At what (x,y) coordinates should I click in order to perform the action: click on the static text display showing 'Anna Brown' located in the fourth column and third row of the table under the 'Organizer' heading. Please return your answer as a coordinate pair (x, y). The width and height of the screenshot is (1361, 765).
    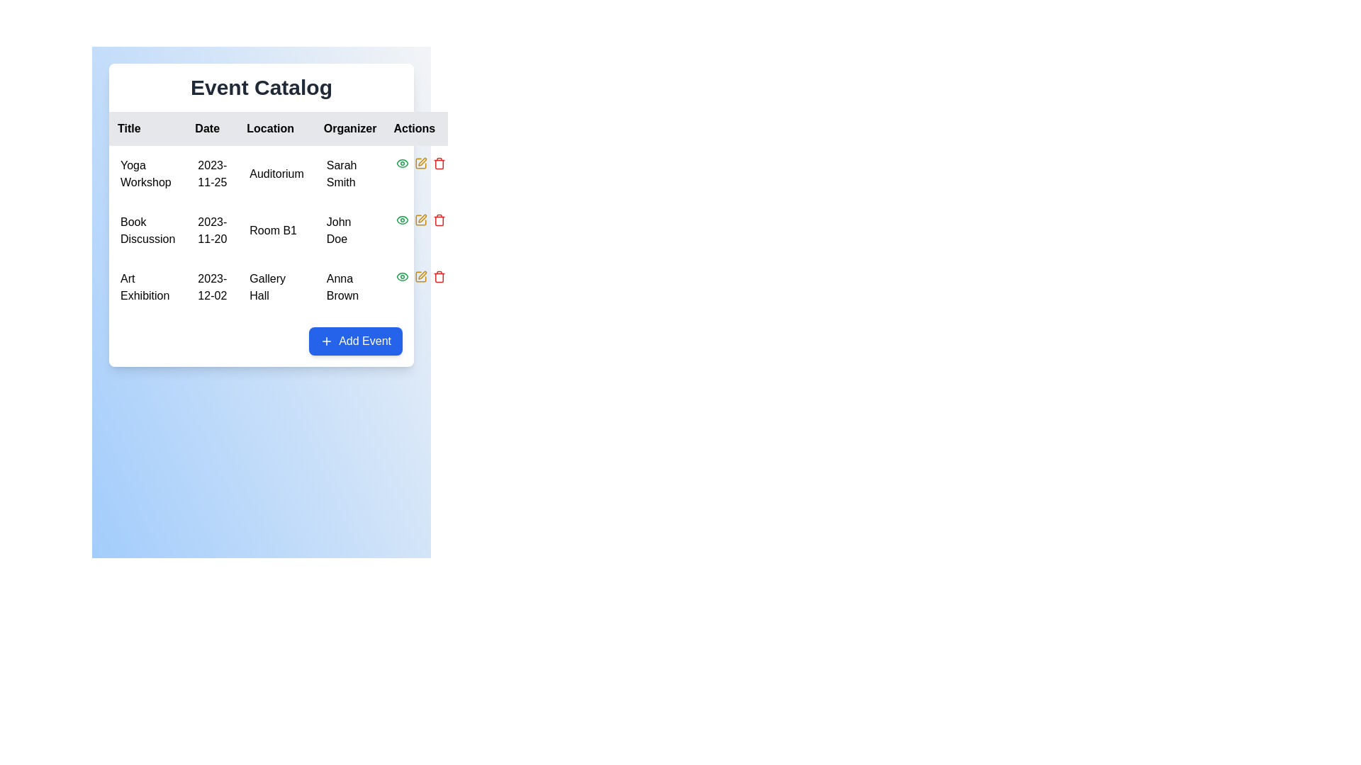
    Looking at the image, I should click on (350, 287).